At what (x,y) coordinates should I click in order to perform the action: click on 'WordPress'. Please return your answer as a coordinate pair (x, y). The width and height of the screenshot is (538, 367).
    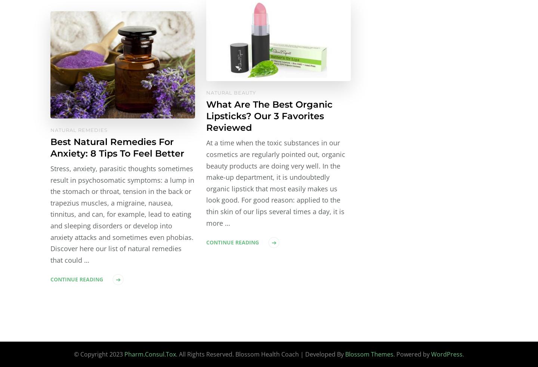
    Looking at the image, I should click on (447, 354).